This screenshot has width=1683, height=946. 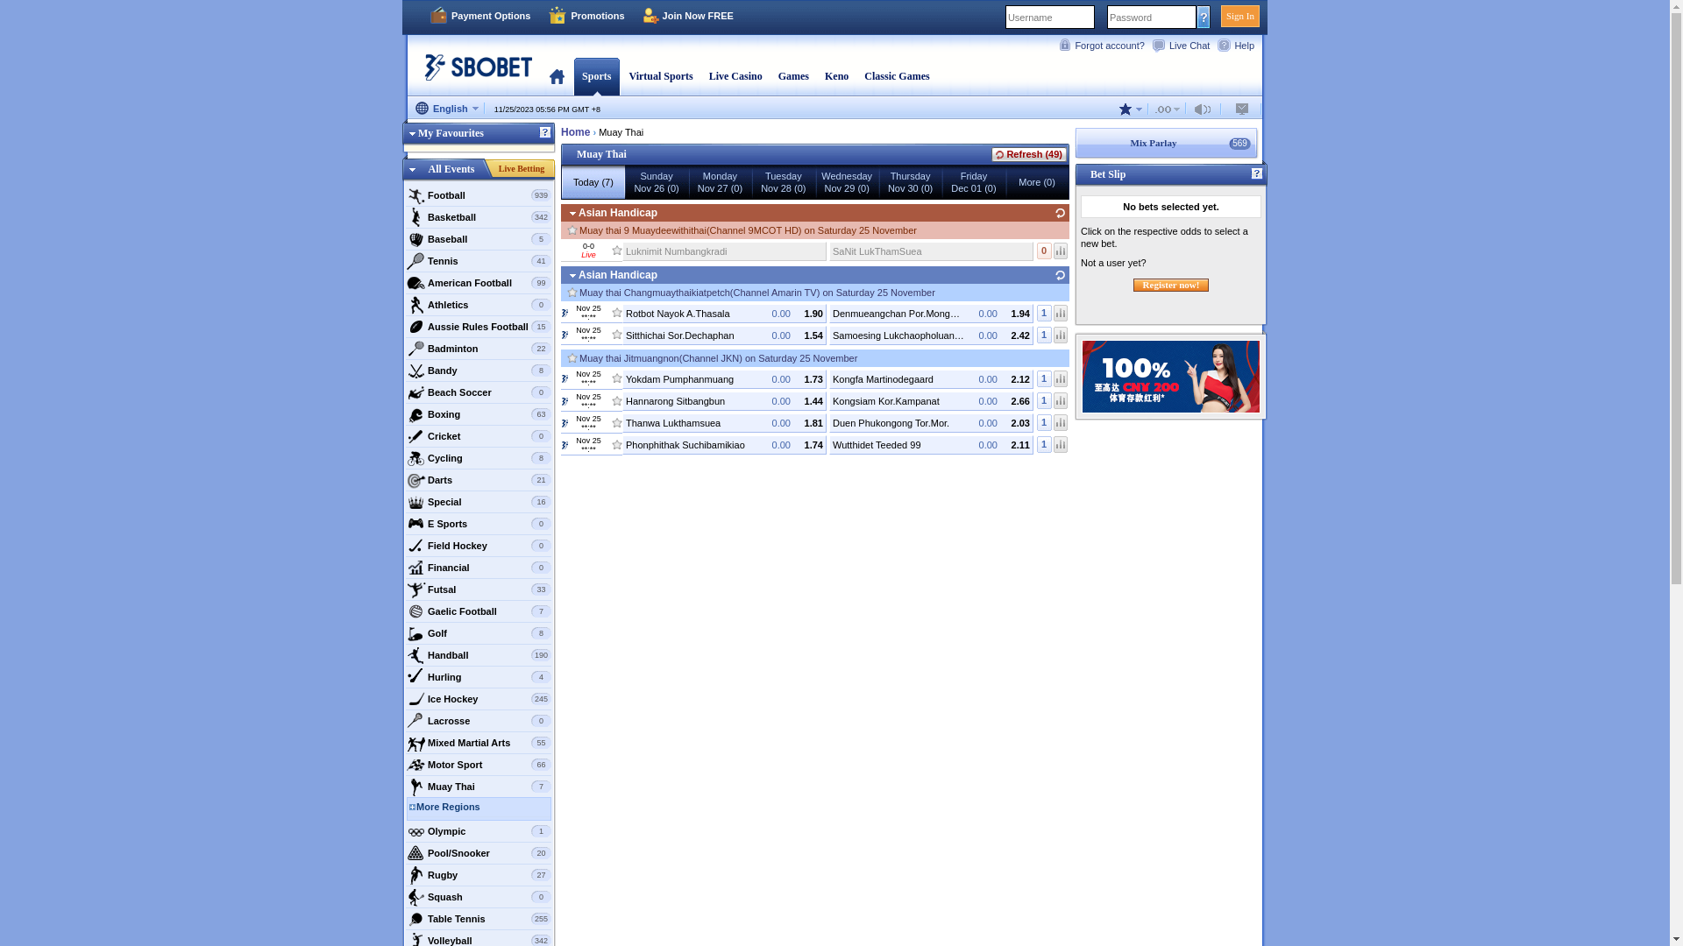 What do you see at coordinates (479, 260) in the screenshot?
I see `'Tennis` at bounding box center [479, 260].